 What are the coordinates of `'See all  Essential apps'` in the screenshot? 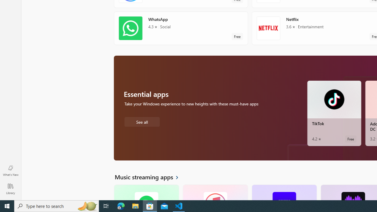 It's located at (142, 121).